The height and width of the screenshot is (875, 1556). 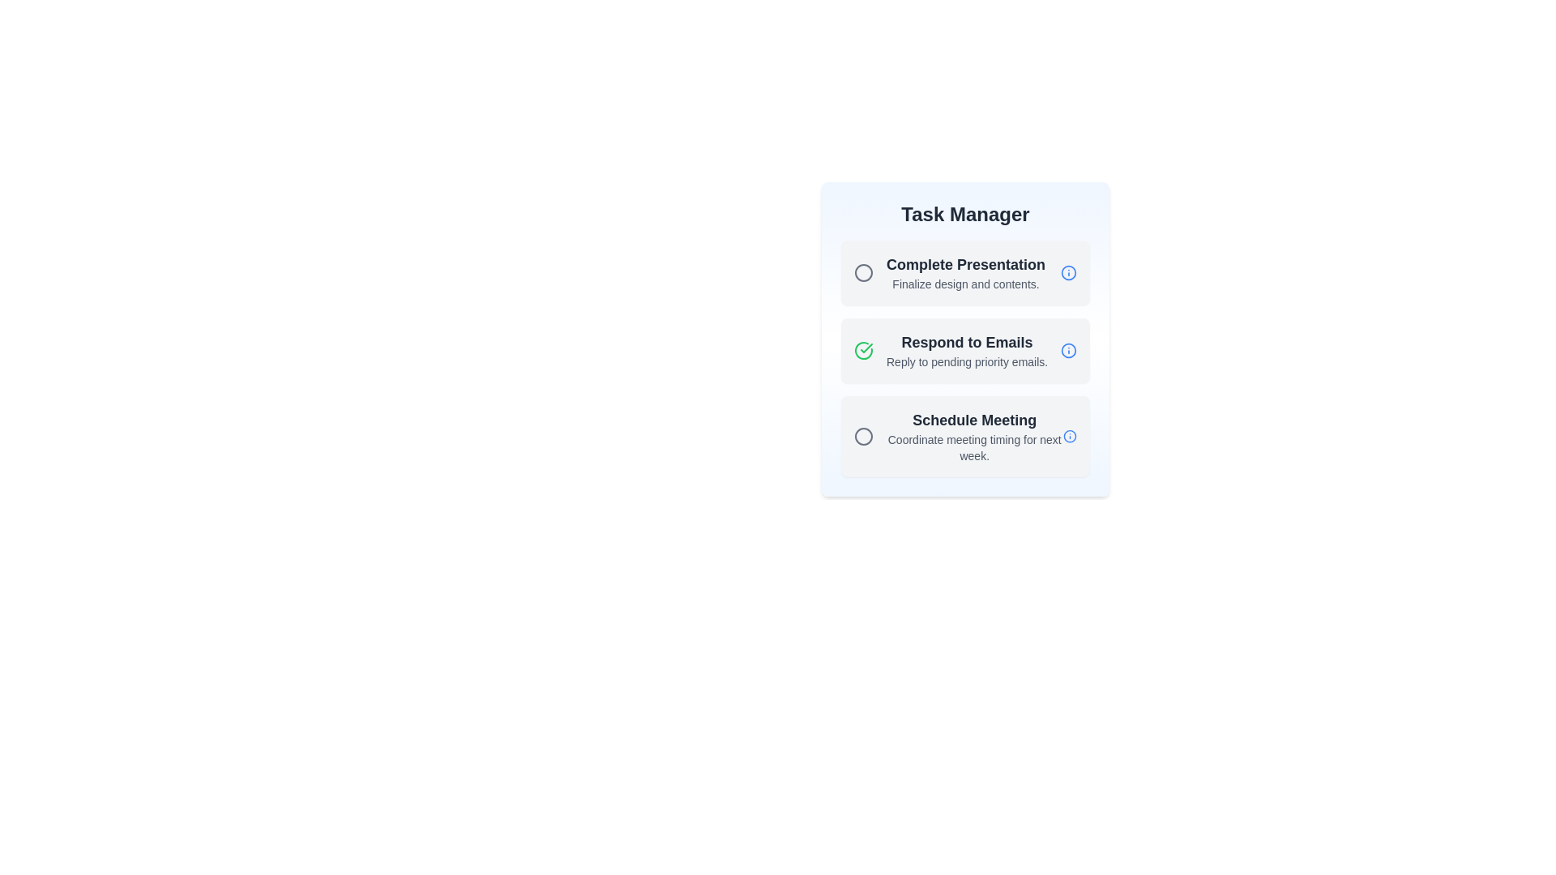 What do you see at coordinates (965, 214) in the screenshot?
I see `the title and header of the Task Manager component` at bounding box center [965, 214].